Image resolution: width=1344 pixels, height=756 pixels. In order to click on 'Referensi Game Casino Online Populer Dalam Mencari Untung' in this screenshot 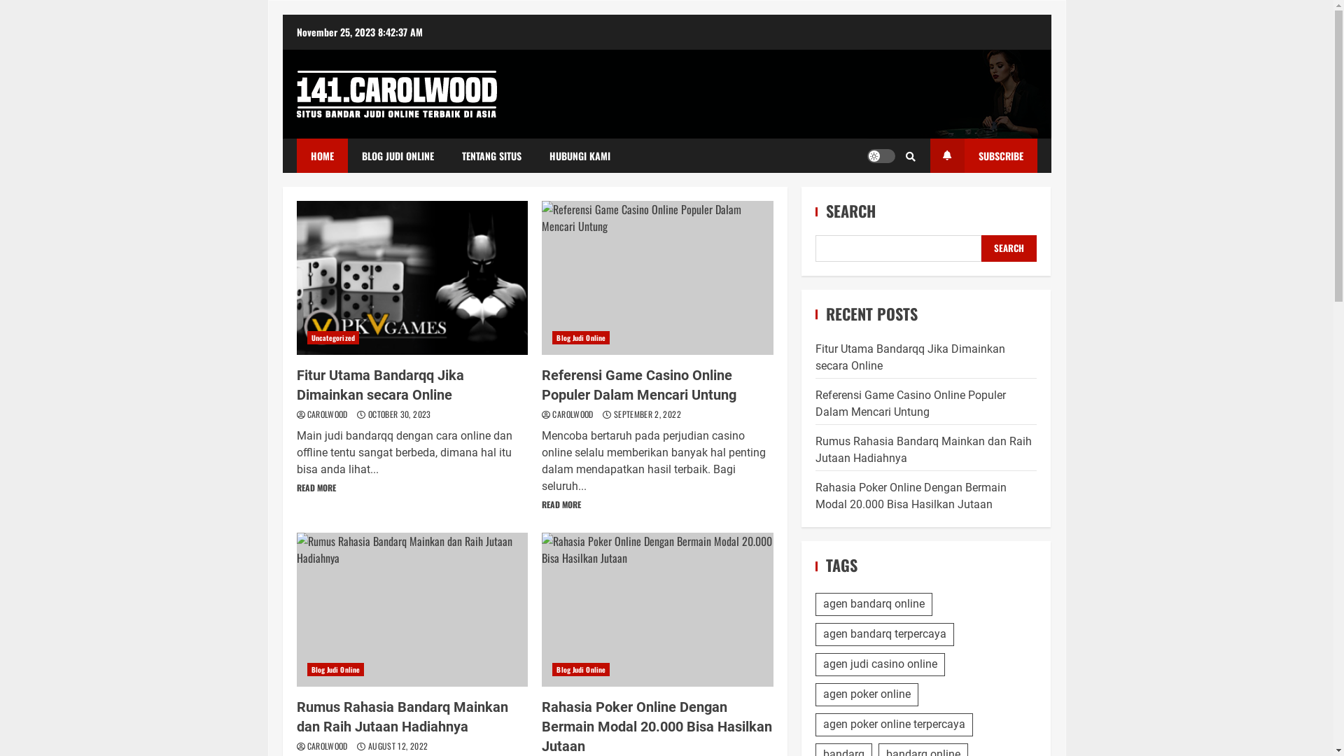, I will do `click(638, 385)`.